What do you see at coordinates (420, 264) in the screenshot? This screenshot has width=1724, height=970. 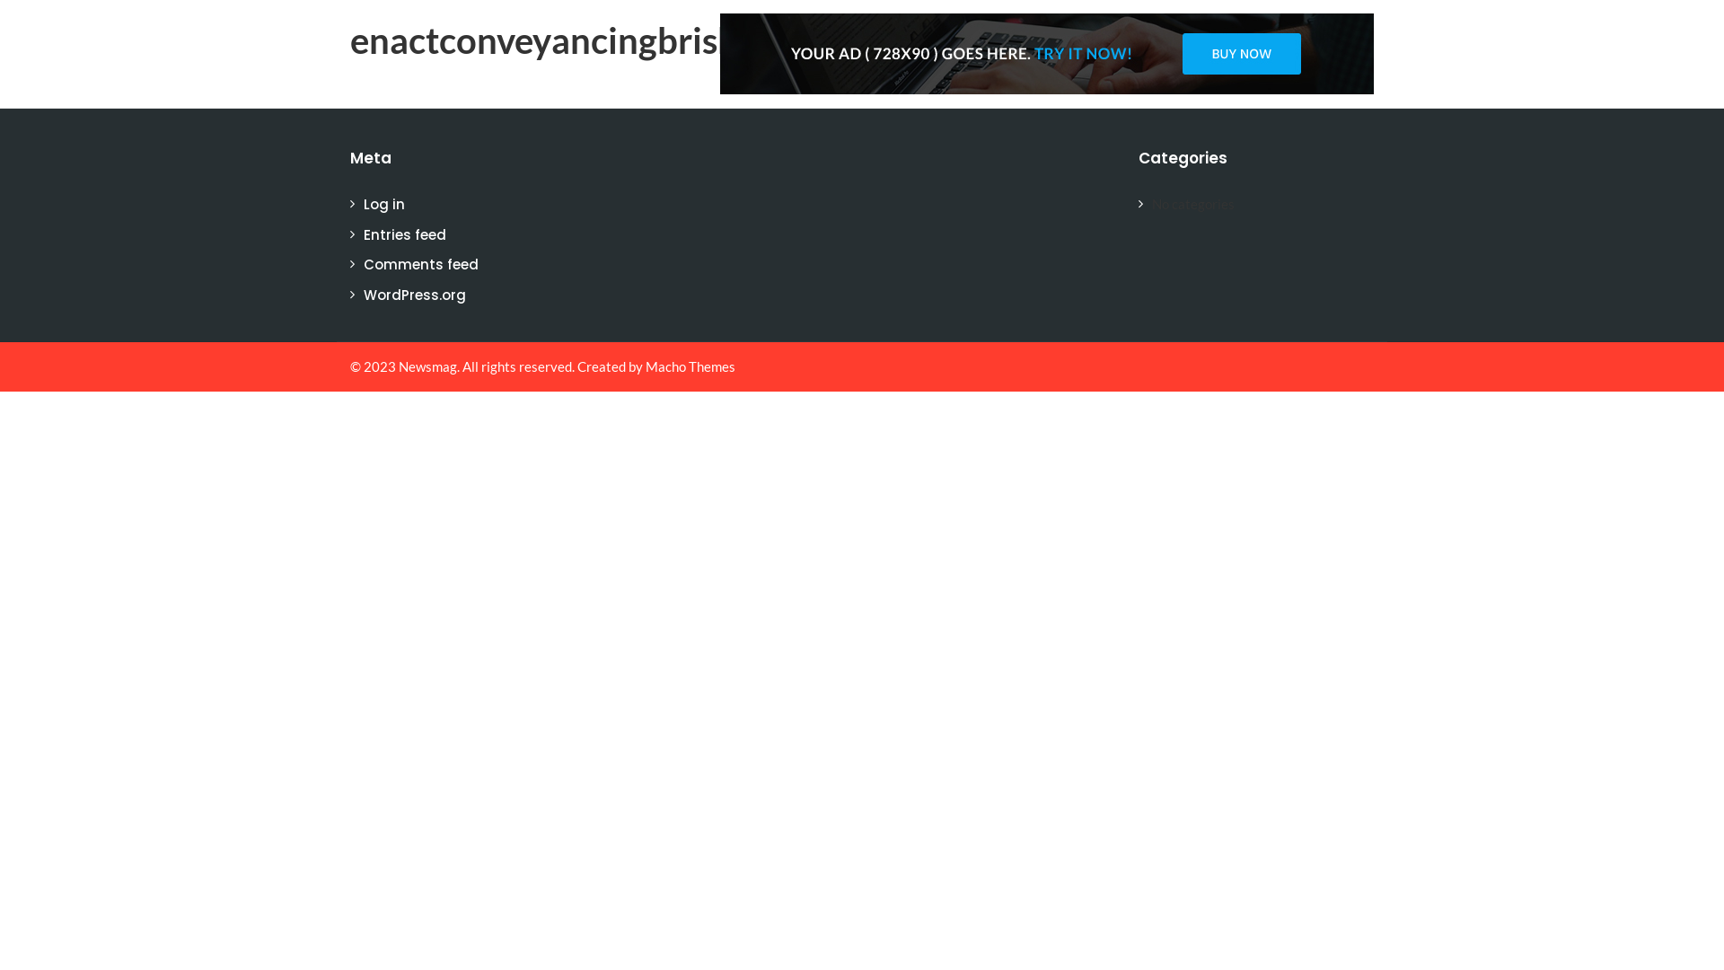 I see `'Comments feed'` at bounding box center [420, 264].